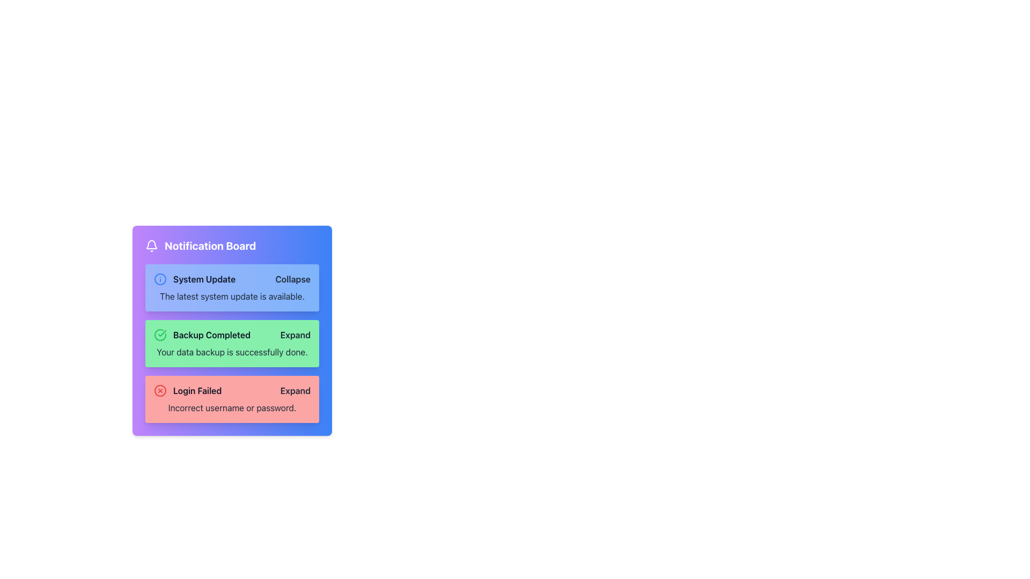 The width and height of the screenshot is (1030, 579). Describe the element at coordinates (231, 352) in the screenshot. I see `message displayed in the gray text label that says 'Your data backup is successfully done.' located within the green notification card titled 'Backup Completed.'` at that location.